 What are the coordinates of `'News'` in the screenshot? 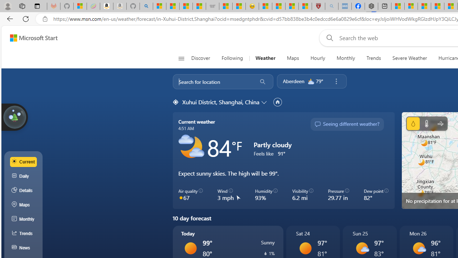 It's located at (23, 248).